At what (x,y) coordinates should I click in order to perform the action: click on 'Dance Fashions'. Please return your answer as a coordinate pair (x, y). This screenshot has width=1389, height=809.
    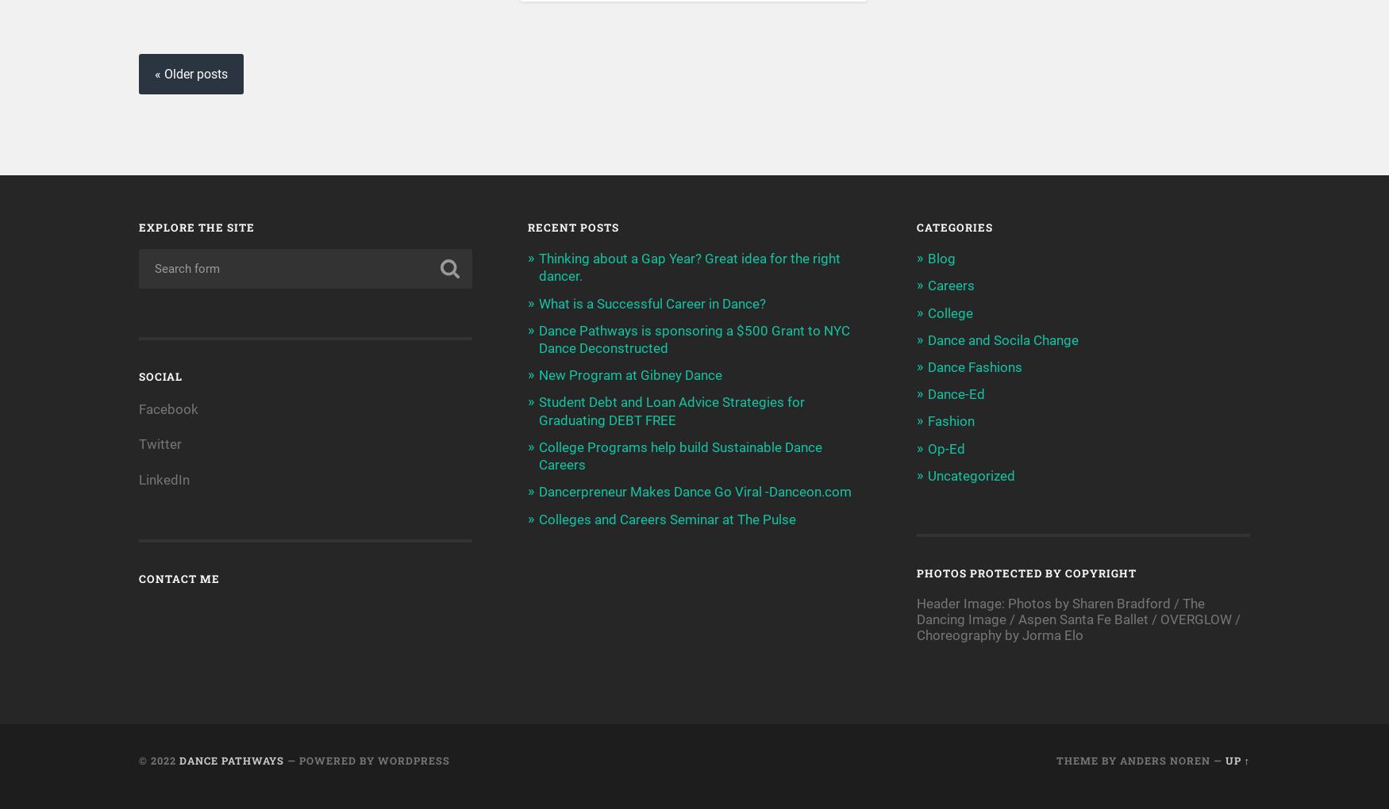
    Looking at the image, I should click on (975, 366).